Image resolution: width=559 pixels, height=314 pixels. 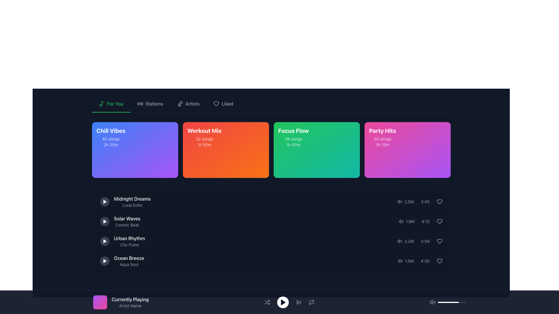 What do you see at coordinates (293, 137) in the screenshot?
I see `the 'Focus Flow' playlist text block, which displays three lines of text on a green background, including '28 songs' and '1h 45m.'` at bounding box center [293, 137].